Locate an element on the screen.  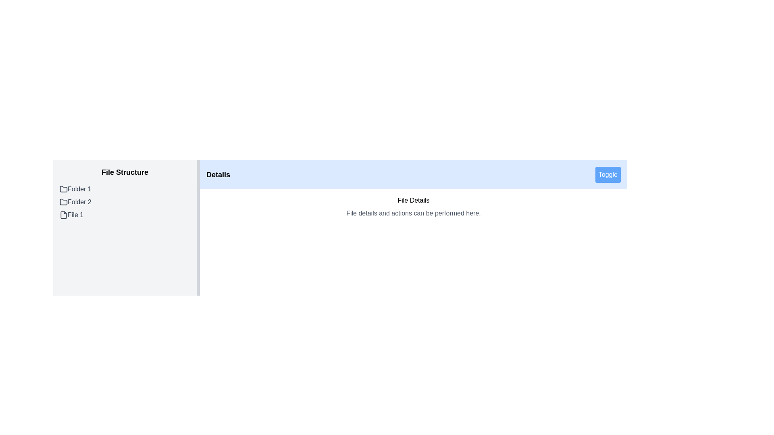
the folder item labeled 'Folder 2' in the file structure is located at coordinates (125, 201).